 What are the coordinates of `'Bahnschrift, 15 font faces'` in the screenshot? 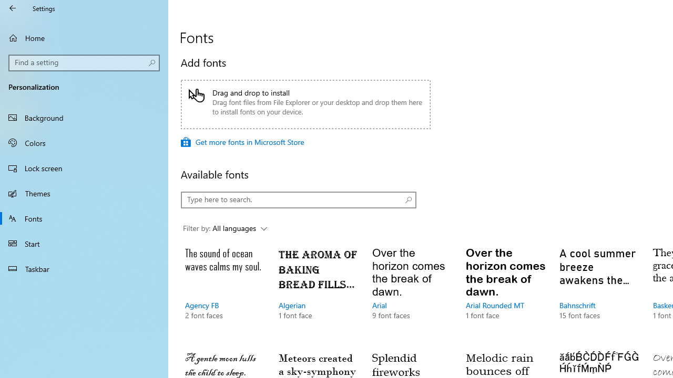 It's located at (599, 294).